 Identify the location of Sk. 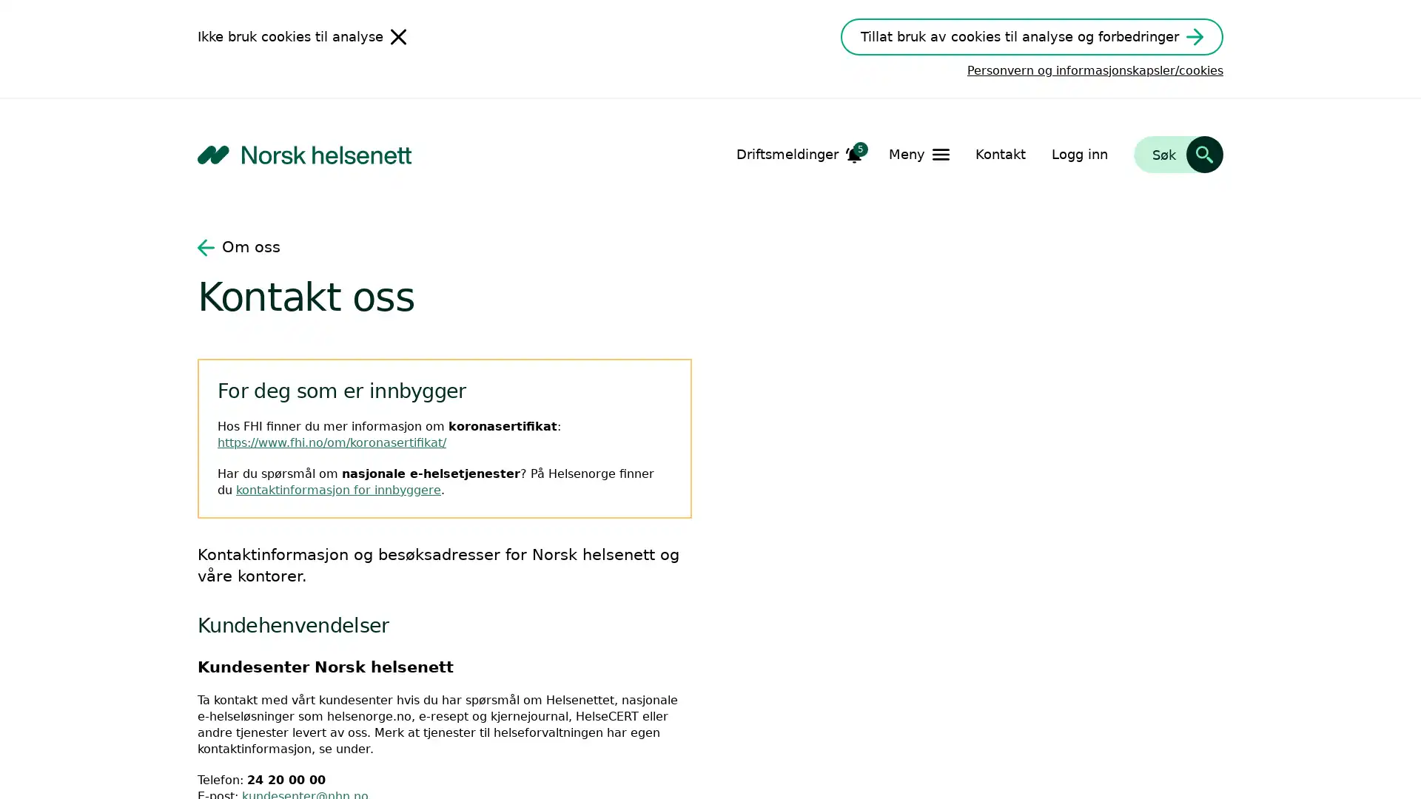
(1204, 154).